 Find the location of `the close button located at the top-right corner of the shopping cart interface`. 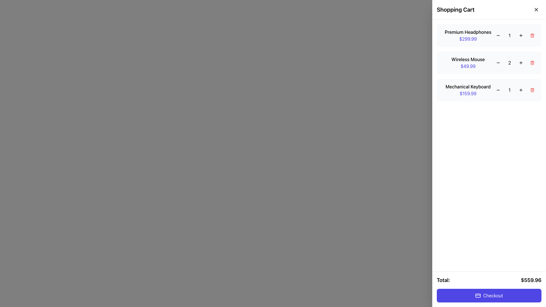

the close button located at the top-right corner of the shopping cart interface is located at coordinates (534, 11).